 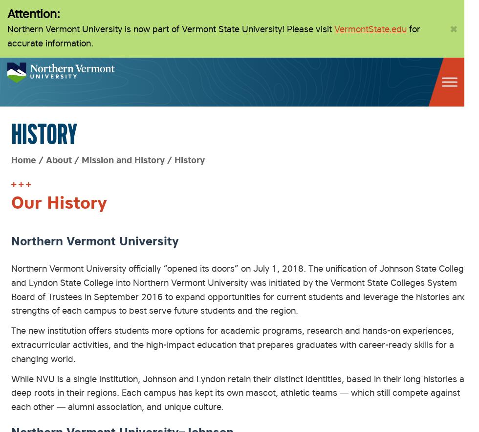 What do you see at coordinates (59, 202) in the screenshot?
I see `'Our History'` at bounding box center [59, 202].